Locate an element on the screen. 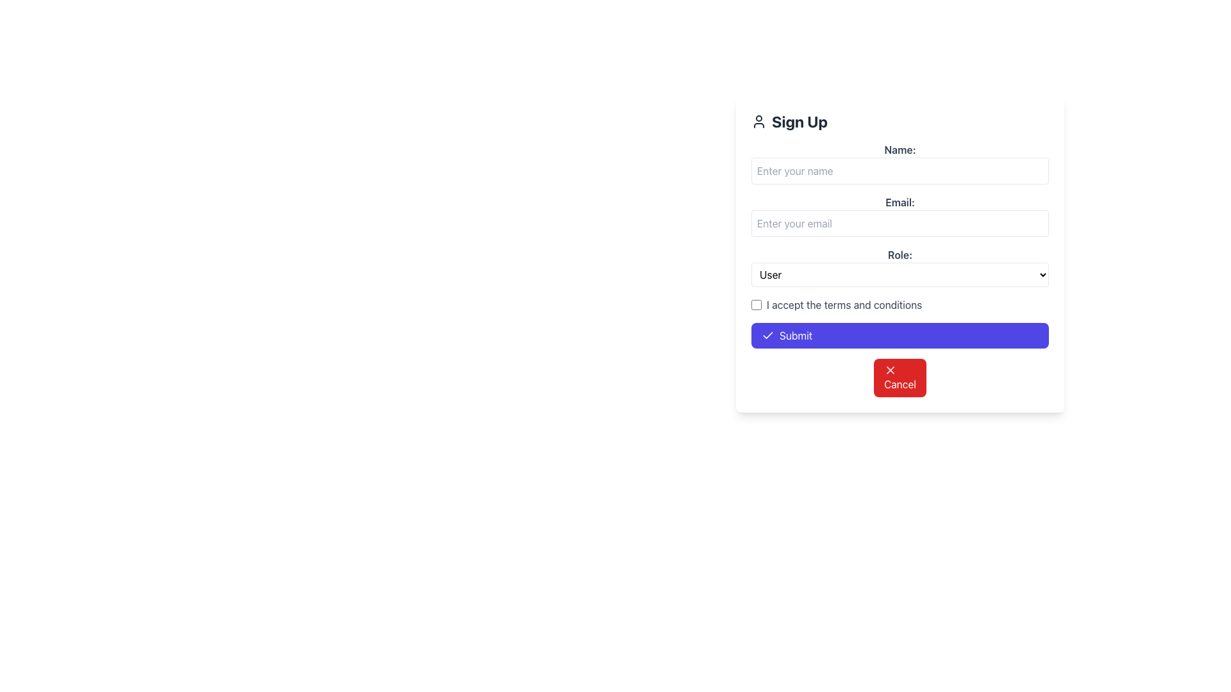 Image resolution: width=1231 pixels, height=692 pixels. the user profile icon, which is a small outline of a person located to the left of the 'Sign Up' text in the top left of the form is located at coordinates (759, 121).